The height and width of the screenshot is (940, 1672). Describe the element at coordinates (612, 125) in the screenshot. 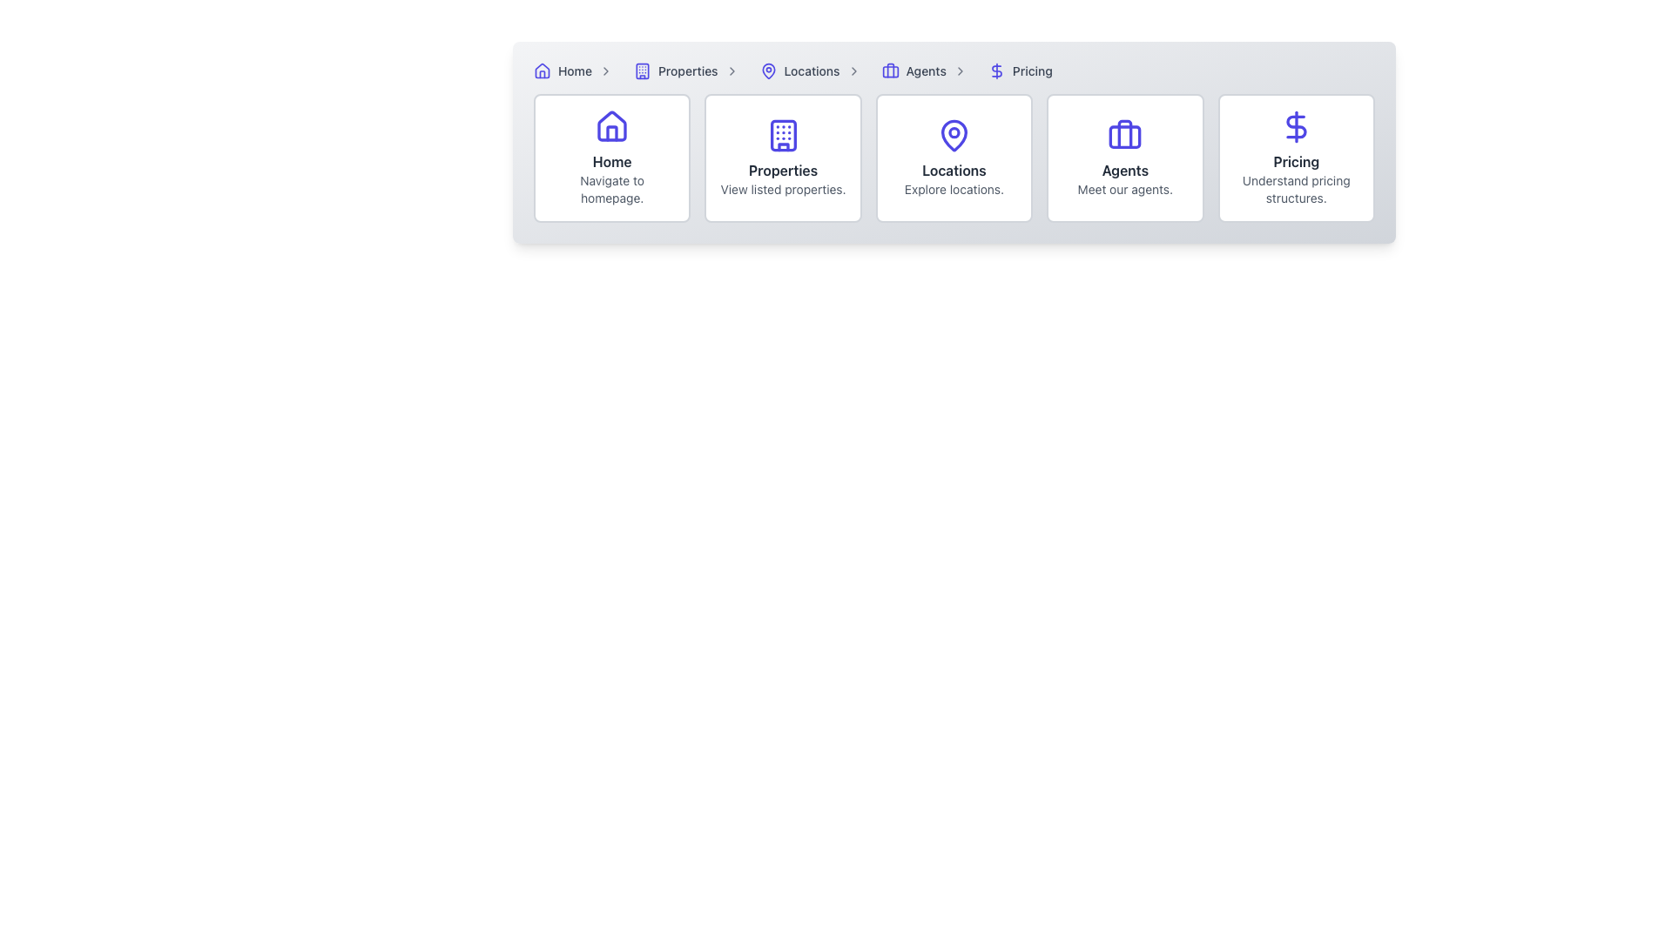

I see `the 'Home' icon in the navigation panel, which is the primary graphical representation located in the first card at the top left section of the interface, above the text 'Home Navigate to homepage.'` at that location.